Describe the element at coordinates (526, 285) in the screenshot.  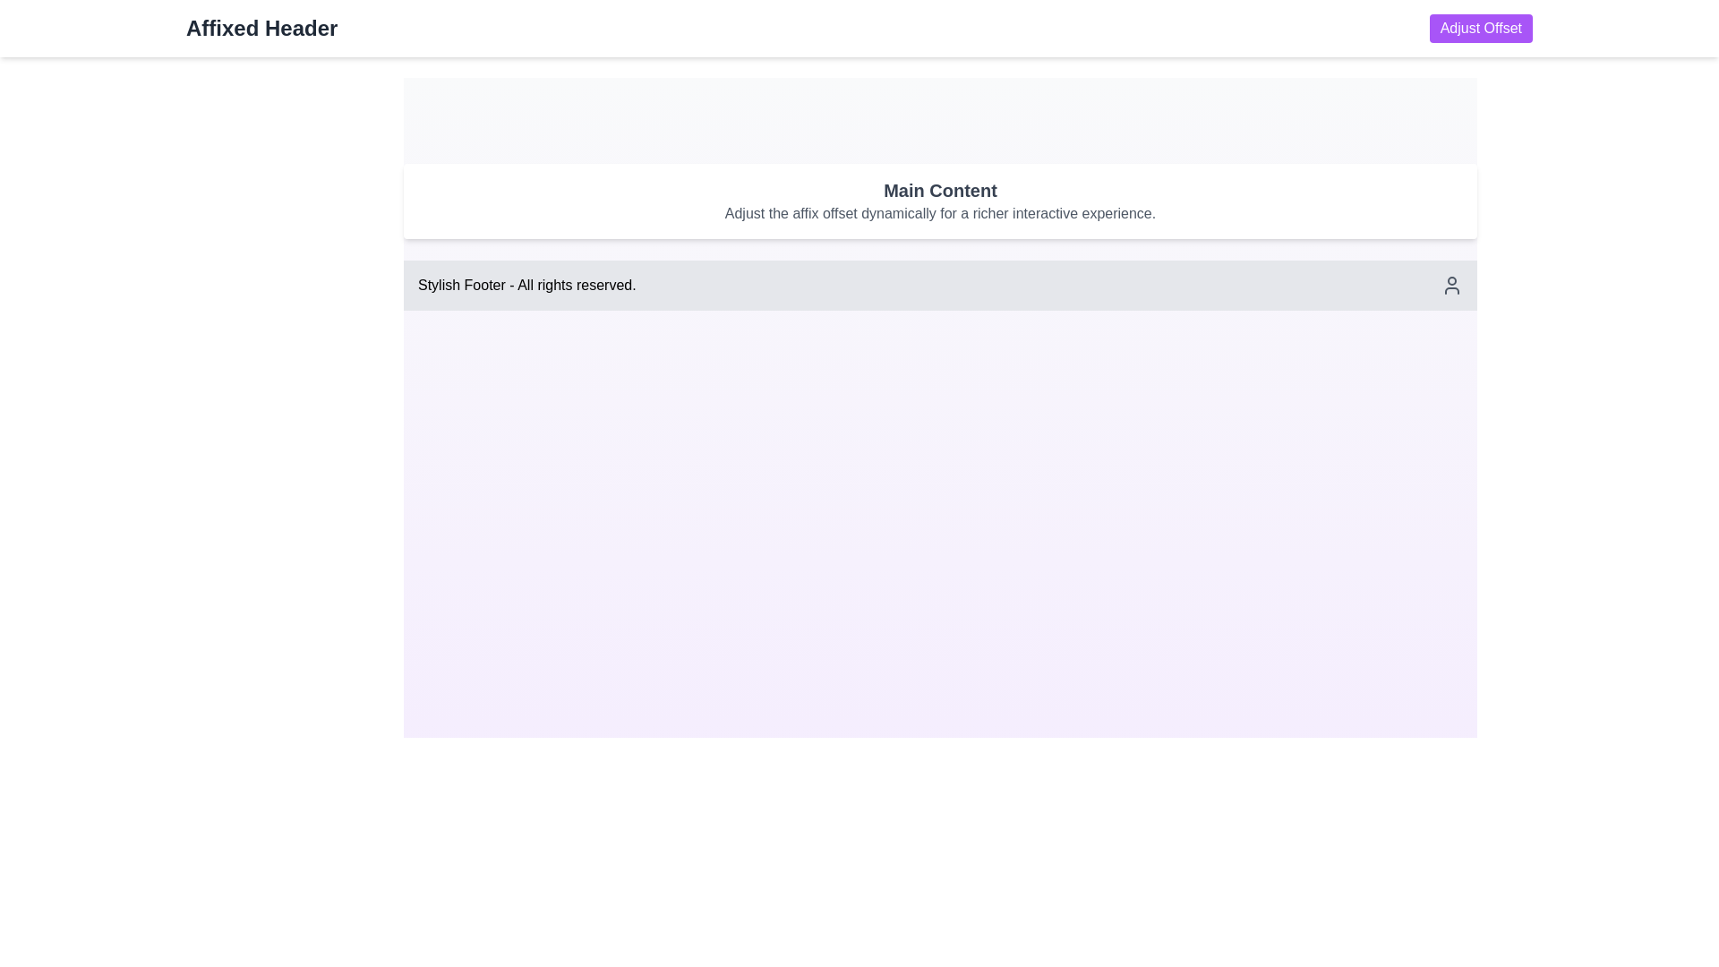
I see `the styled text block displaying 'Stylish Footer - All rights reserved.' in the left section of the footer bar to potentially display a tooltip` at that location.